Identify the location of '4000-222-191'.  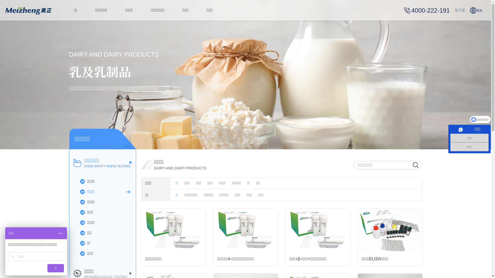
(427, 10).